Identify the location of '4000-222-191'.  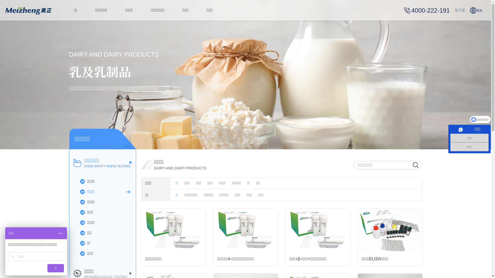
(427, 10).